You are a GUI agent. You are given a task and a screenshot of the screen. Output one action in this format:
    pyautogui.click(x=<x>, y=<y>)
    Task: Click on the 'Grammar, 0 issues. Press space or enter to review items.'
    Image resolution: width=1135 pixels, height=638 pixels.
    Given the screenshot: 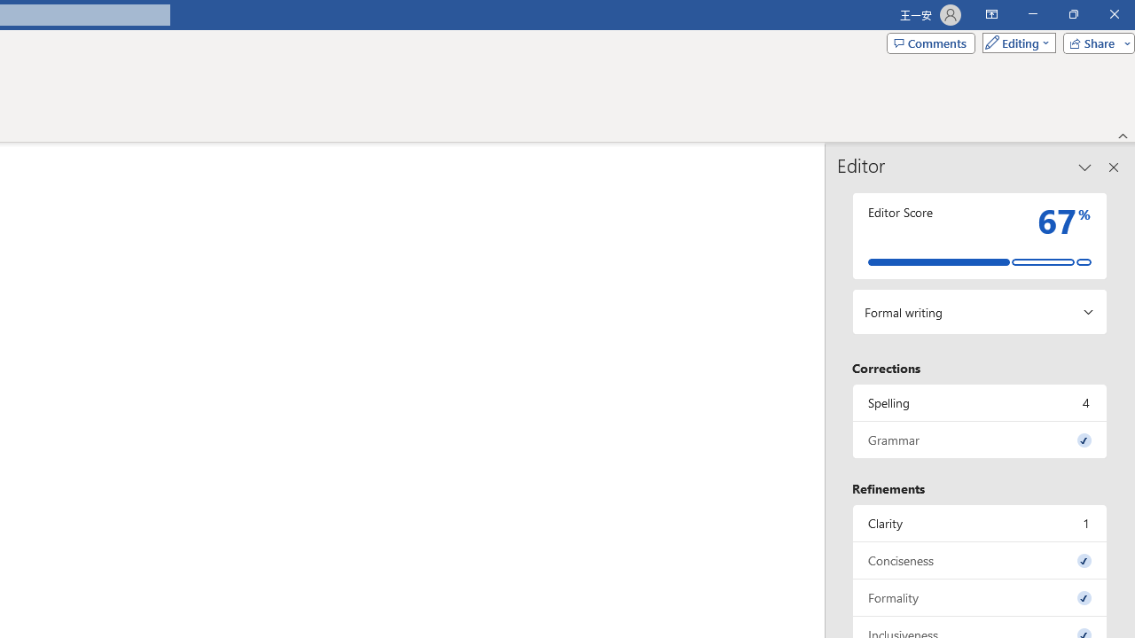 What is the action you would take?
    pyautogui.click(x=979, y=439)
    